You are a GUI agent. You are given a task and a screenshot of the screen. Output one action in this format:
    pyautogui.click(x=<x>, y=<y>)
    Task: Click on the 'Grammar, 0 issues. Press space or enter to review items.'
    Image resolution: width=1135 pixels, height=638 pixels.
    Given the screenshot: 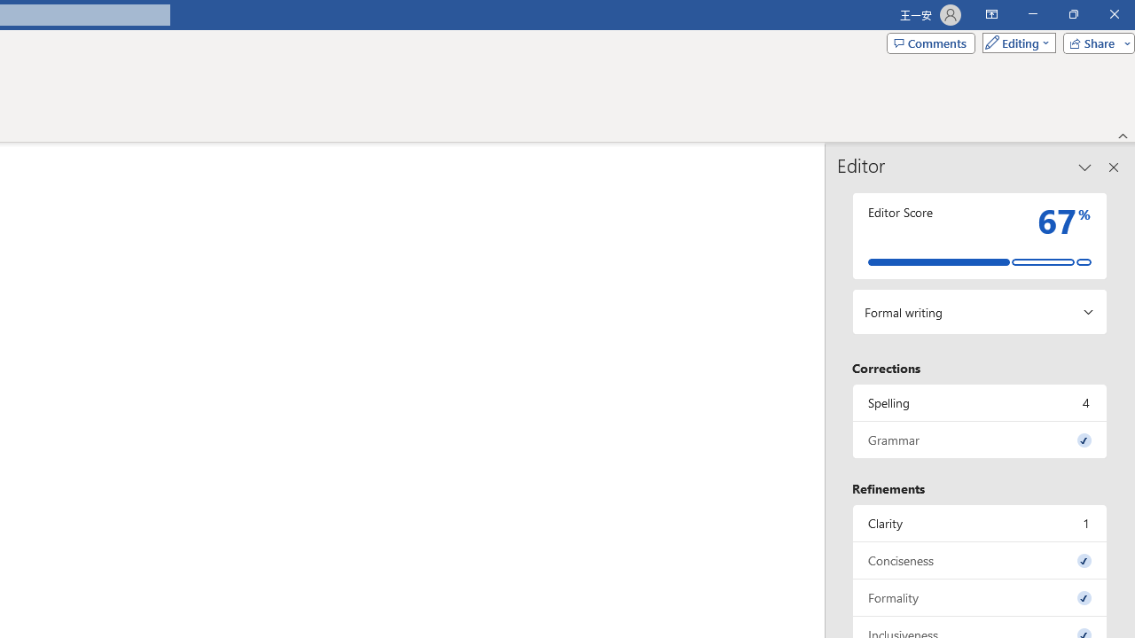 What is the action you would take?
    pyautogui.click(x=979, y=439)
    